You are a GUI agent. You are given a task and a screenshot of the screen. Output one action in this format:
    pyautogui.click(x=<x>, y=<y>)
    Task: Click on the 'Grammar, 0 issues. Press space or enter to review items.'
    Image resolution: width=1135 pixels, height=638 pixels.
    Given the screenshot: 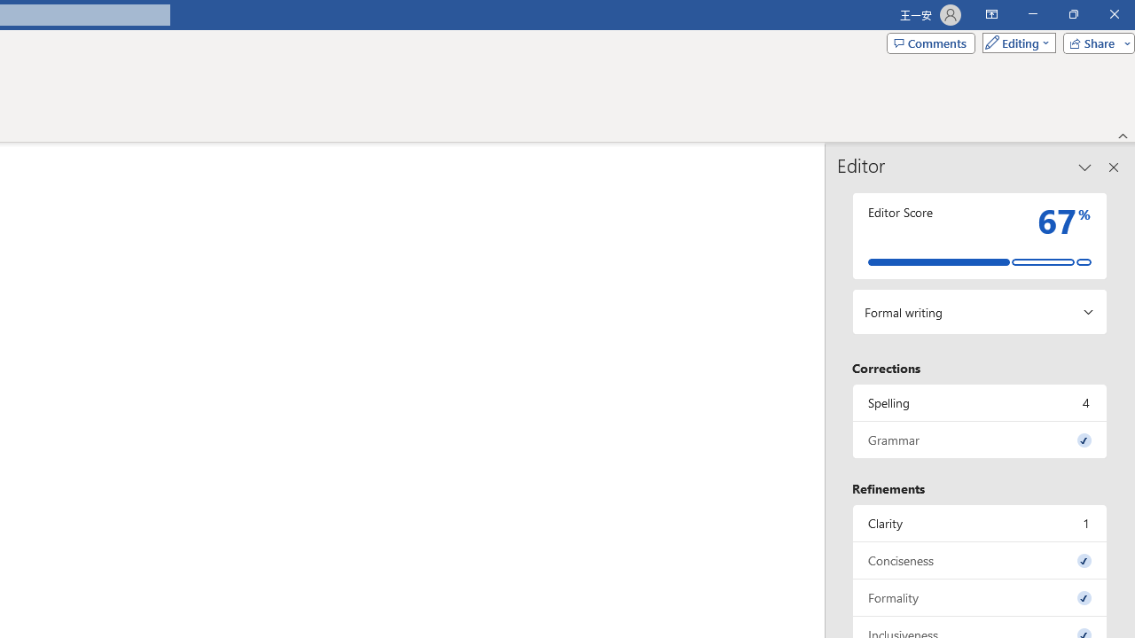 What is the action you would take?
    pyautogui.click(x=979, y=439)
    